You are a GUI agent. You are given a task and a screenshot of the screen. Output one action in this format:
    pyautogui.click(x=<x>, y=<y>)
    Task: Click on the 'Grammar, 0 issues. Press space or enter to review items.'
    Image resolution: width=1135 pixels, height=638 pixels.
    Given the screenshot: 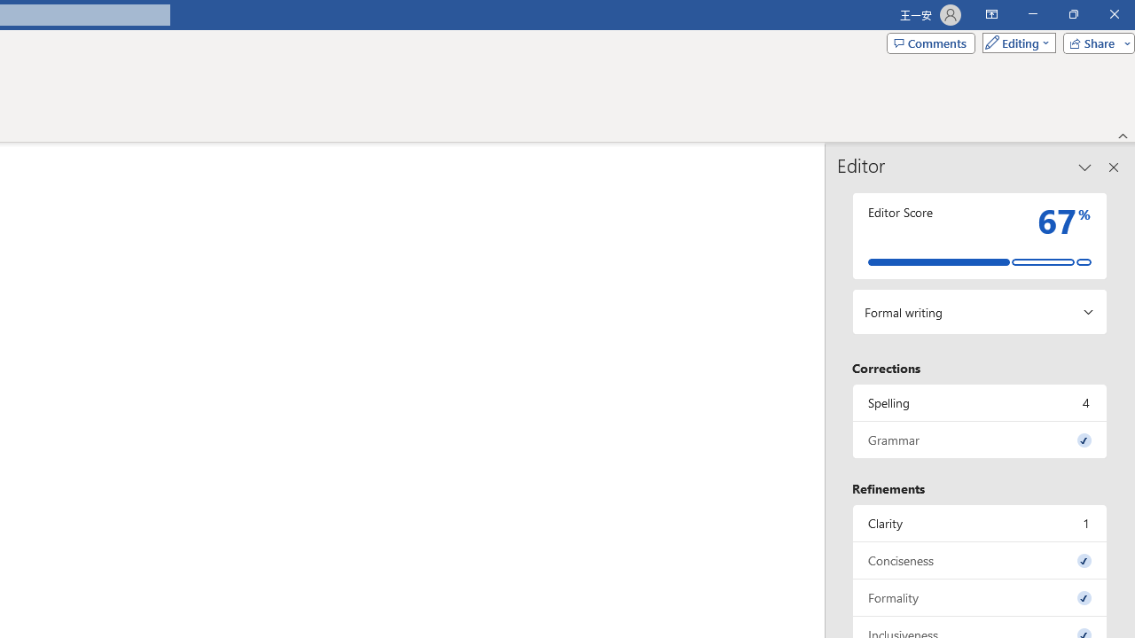 What is the action you would take?
    pyautogui.click(x=979, y=439)
    